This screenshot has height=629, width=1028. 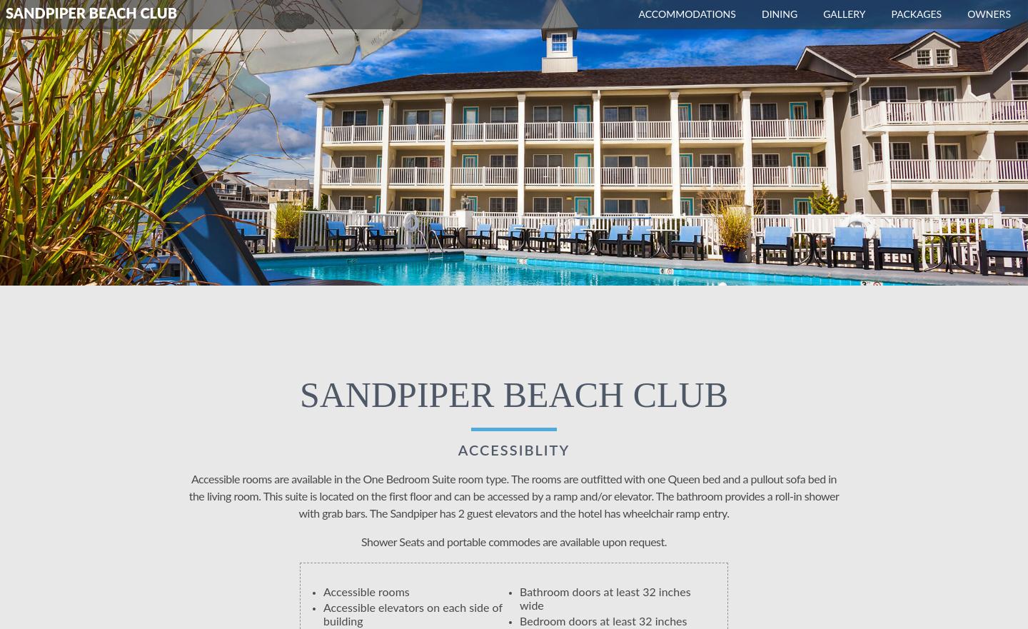 What do you see at coordinates (686, 14) in the screenshot?
I see `'Accommodations'` at bounding box center [686, 14].